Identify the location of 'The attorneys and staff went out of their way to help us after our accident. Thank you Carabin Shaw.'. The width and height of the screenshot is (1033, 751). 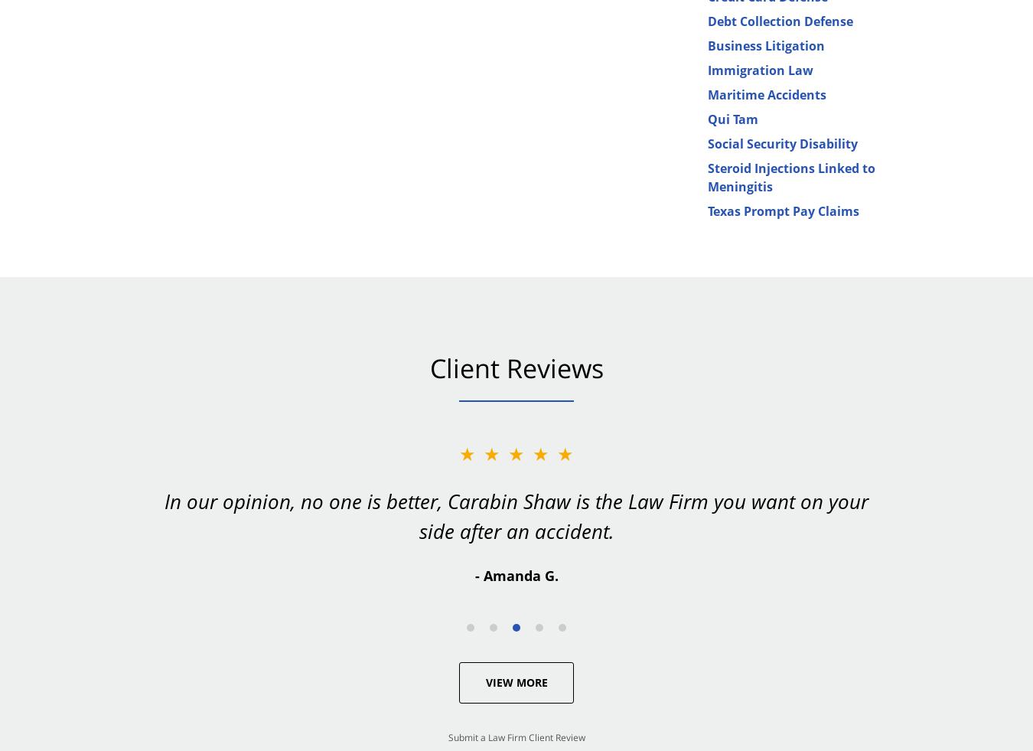
(516, 516).